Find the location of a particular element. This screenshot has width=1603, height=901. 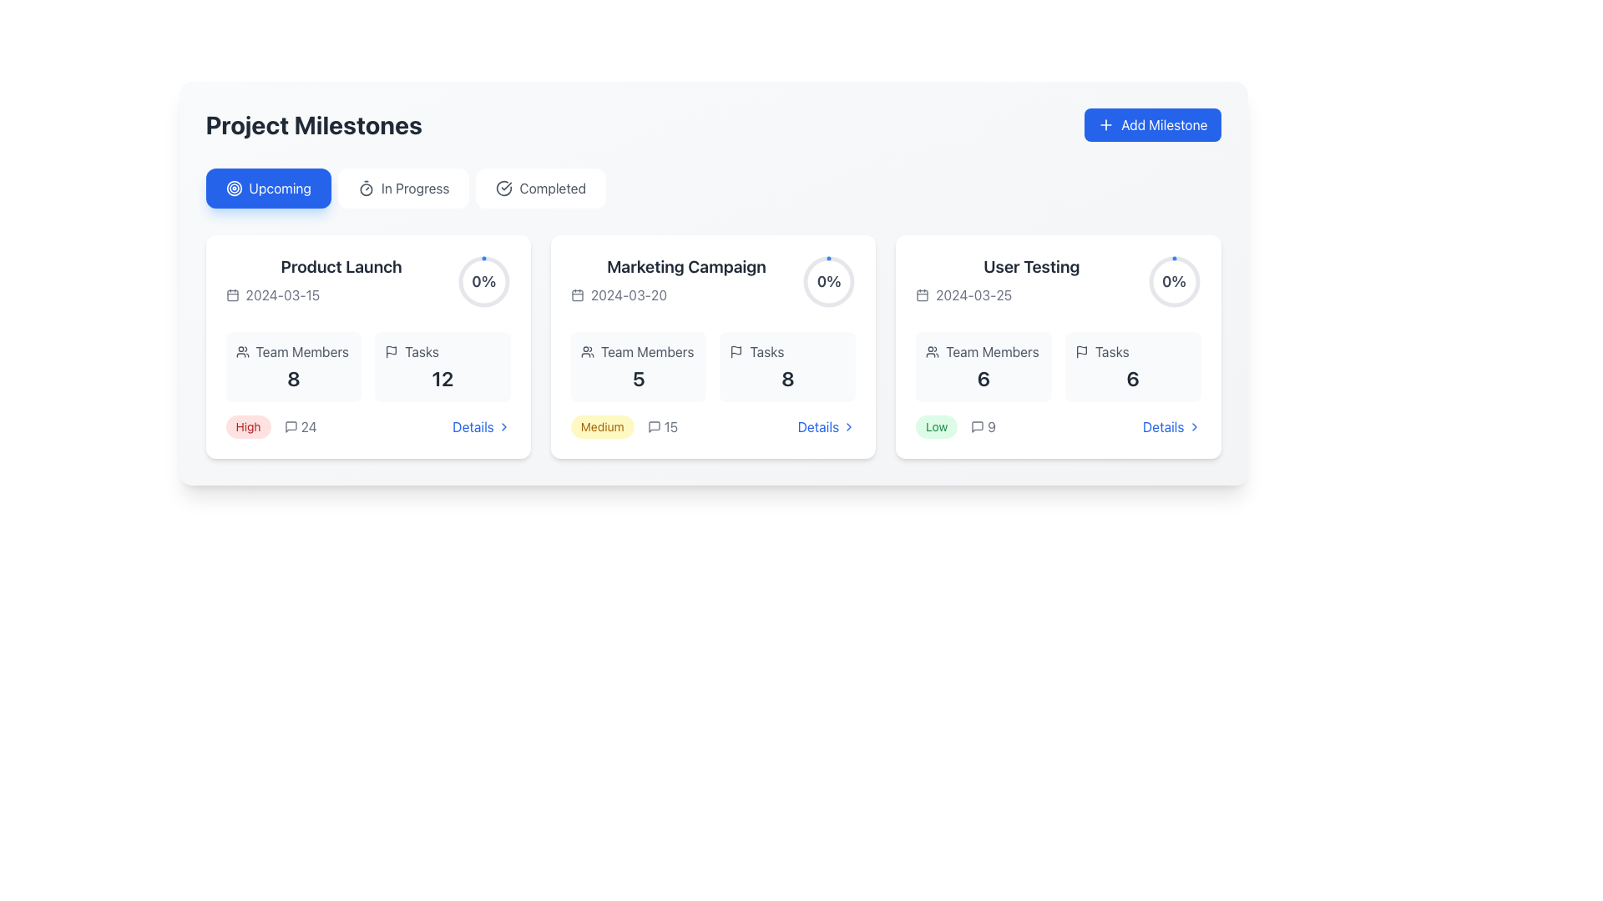

the text link with icon located in the bottom-right corner of the 'Marketing Campaign' card is located at coordinates (827, 426).